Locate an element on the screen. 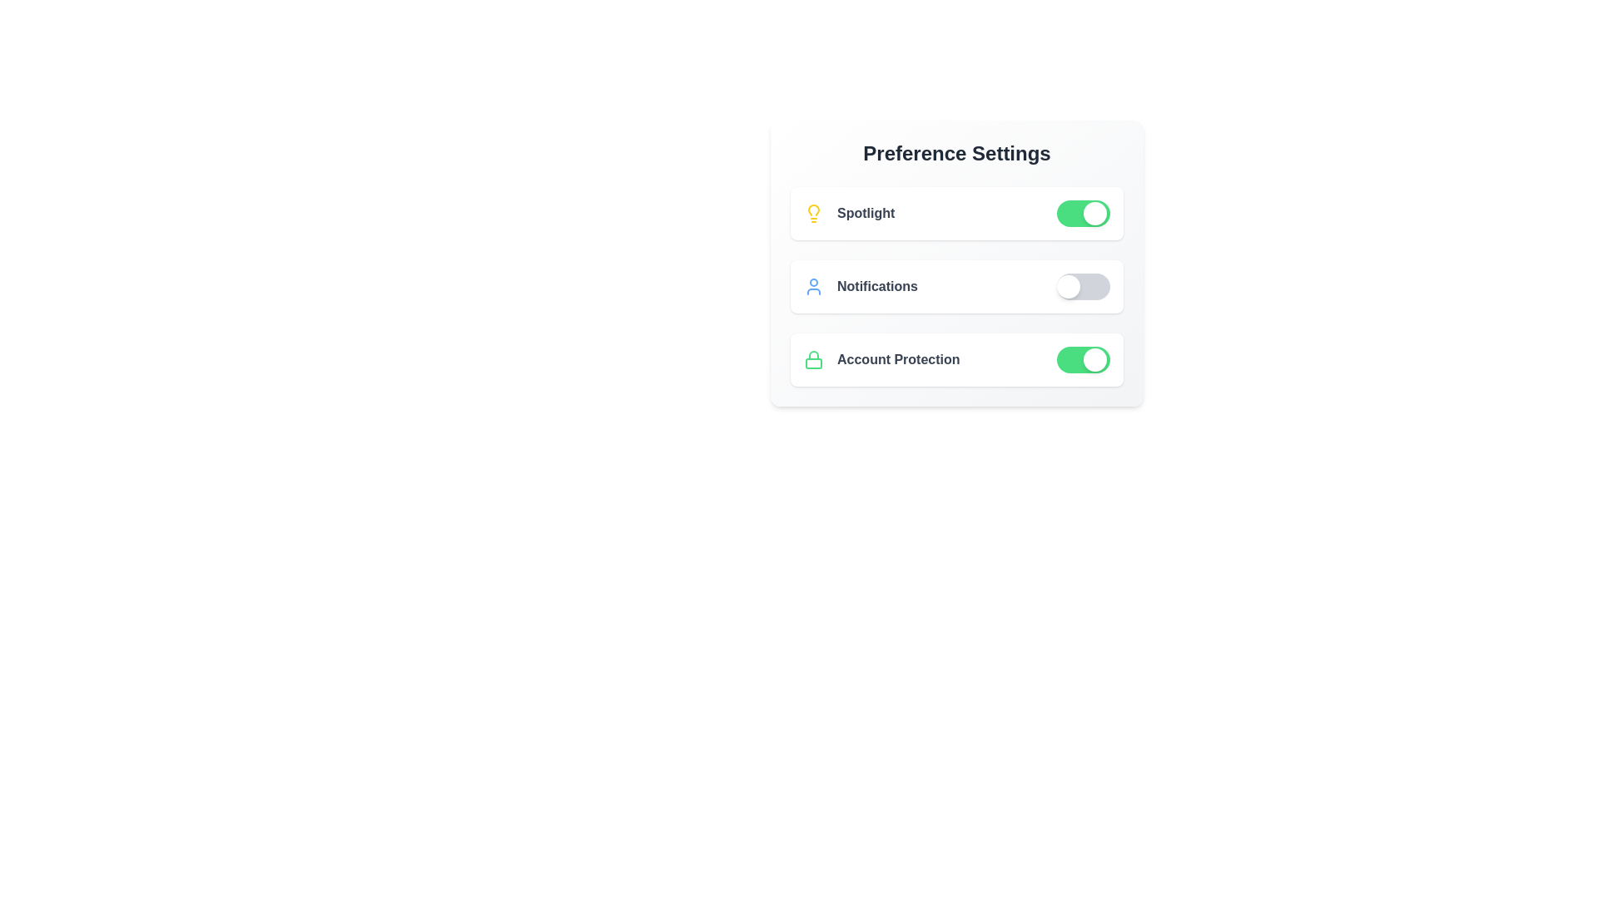 The image size is (1598, 898). the 'Account Protection' toggle switch to change its state is located at coordinates (1083, 358).